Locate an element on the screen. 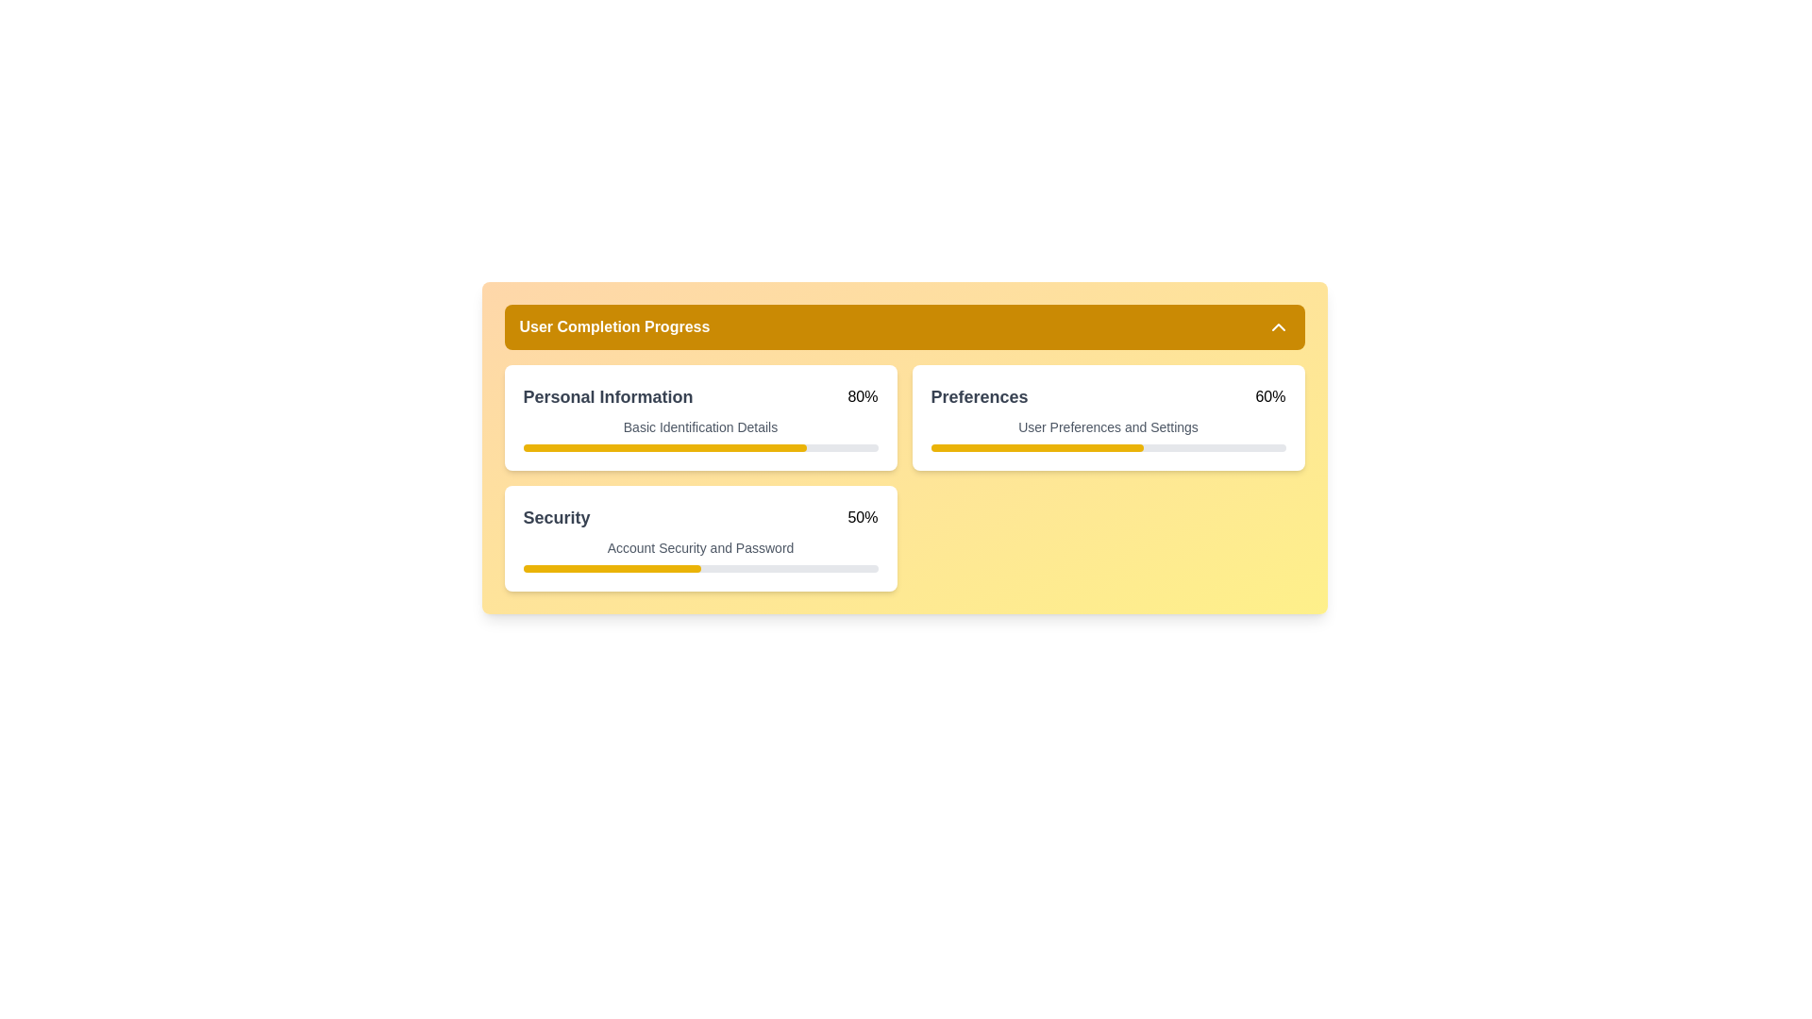 This screenshot has height=1019, width=1812. progress bar located in the 'Preferences' section, directly below the text 'User Preferences and Settings' is located at coordinates (1108, 447).